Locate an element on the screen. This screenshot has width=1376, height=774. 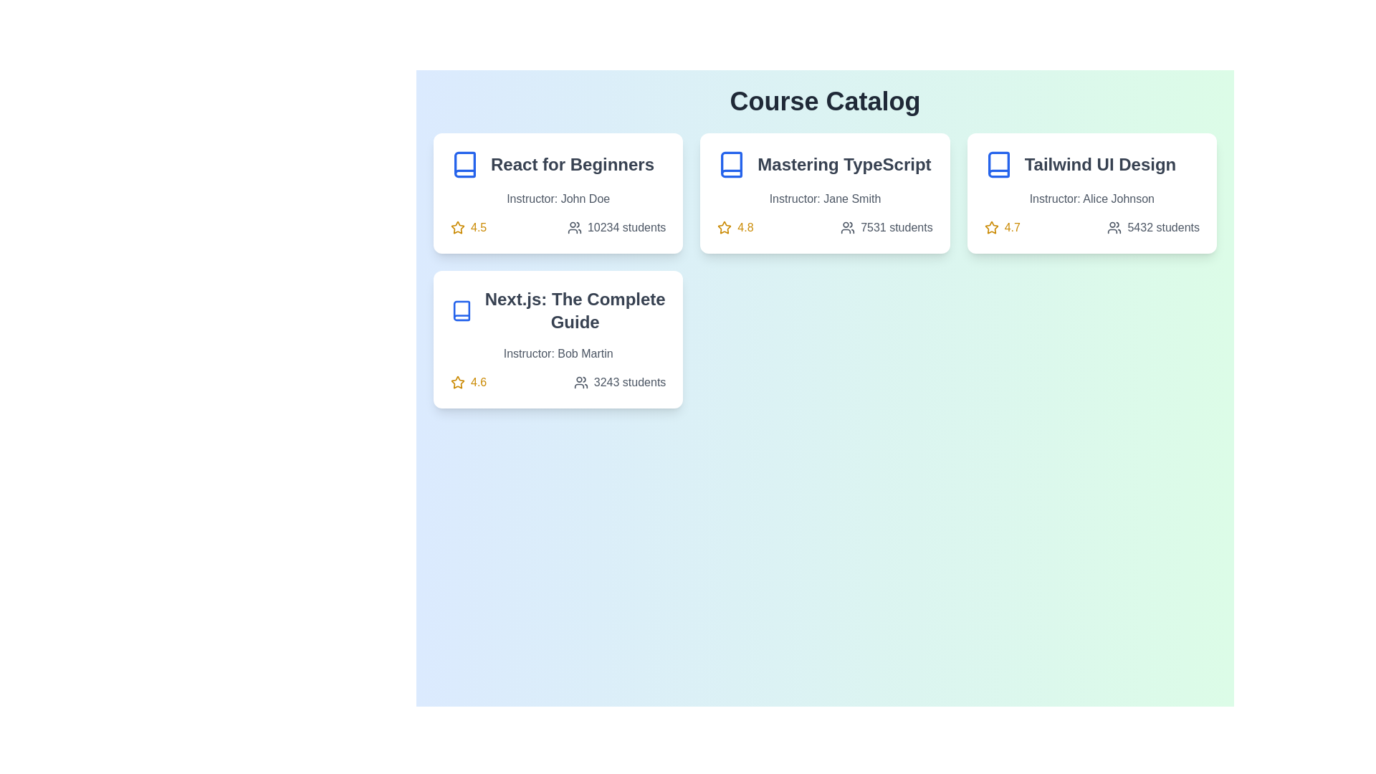
the rating icon located beneath the course title 'Next.js: The Complete Guide' and adjacent to the numerical rating '4.6' is located at coordinates (457, 226).